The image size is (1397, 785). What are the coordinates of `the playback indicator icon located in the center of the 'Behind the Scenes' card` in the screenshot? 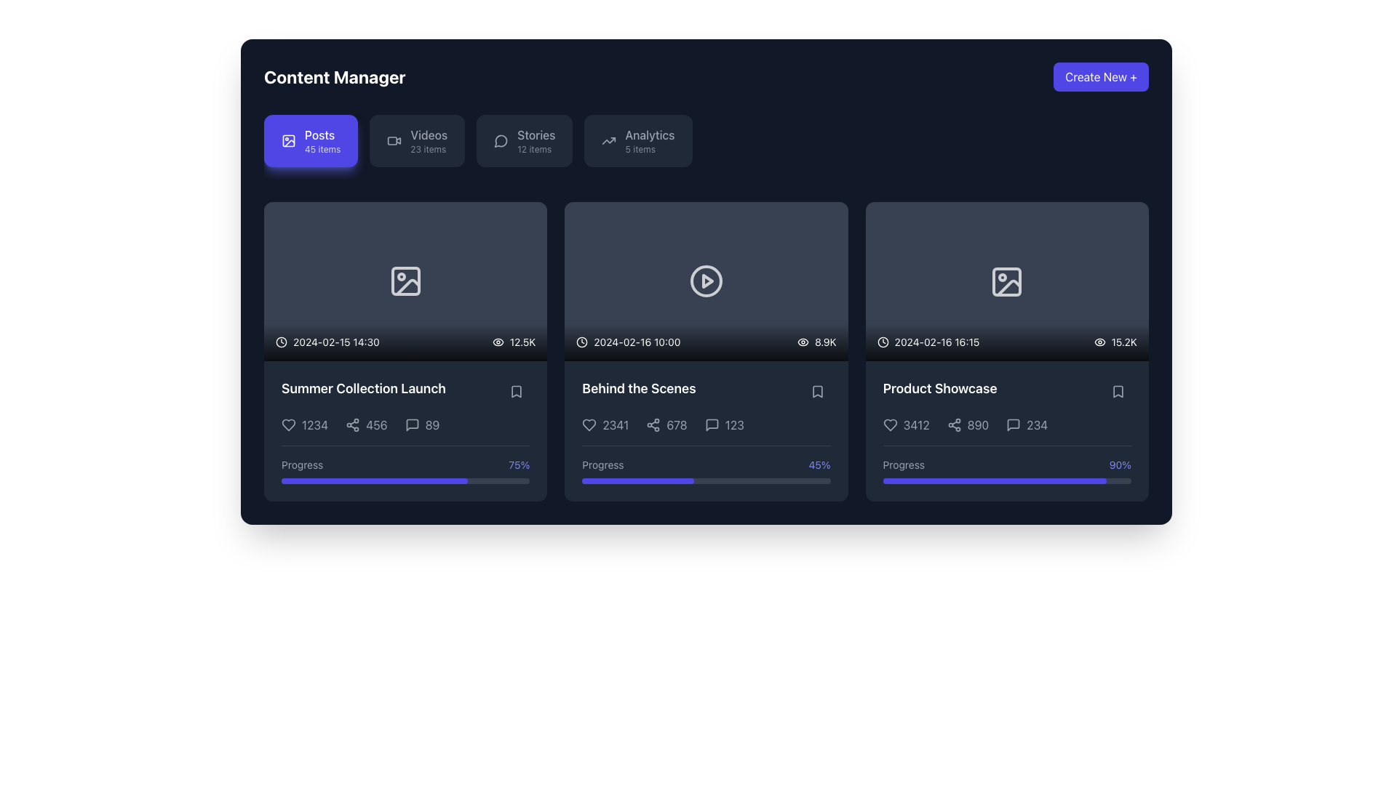 It's located at (708, 281).